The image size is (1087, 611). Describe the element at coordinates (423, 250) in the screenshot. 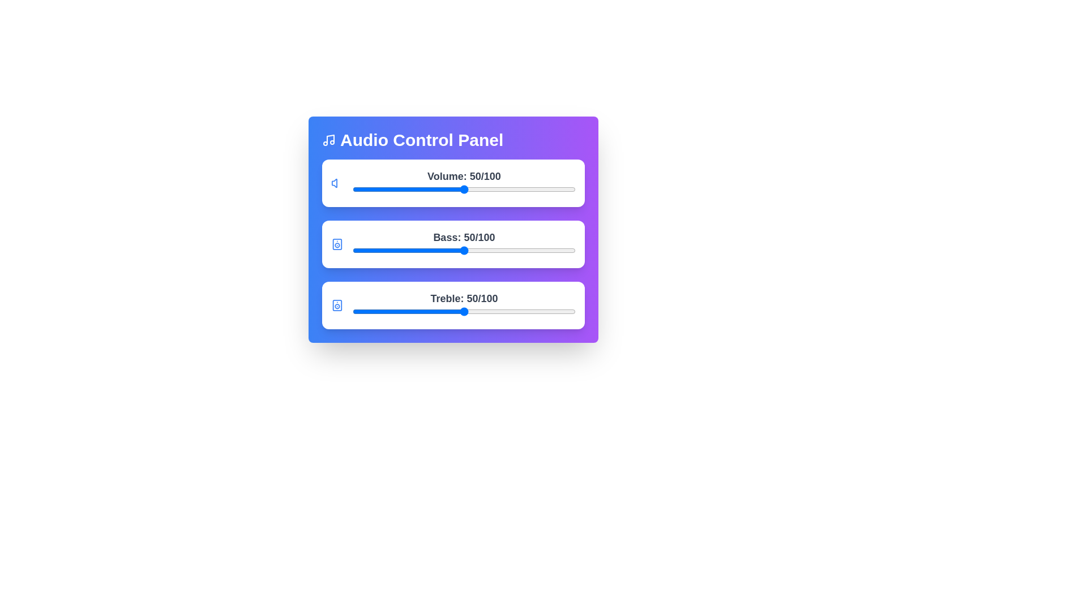

I see `the bass slider to 32` at that location.